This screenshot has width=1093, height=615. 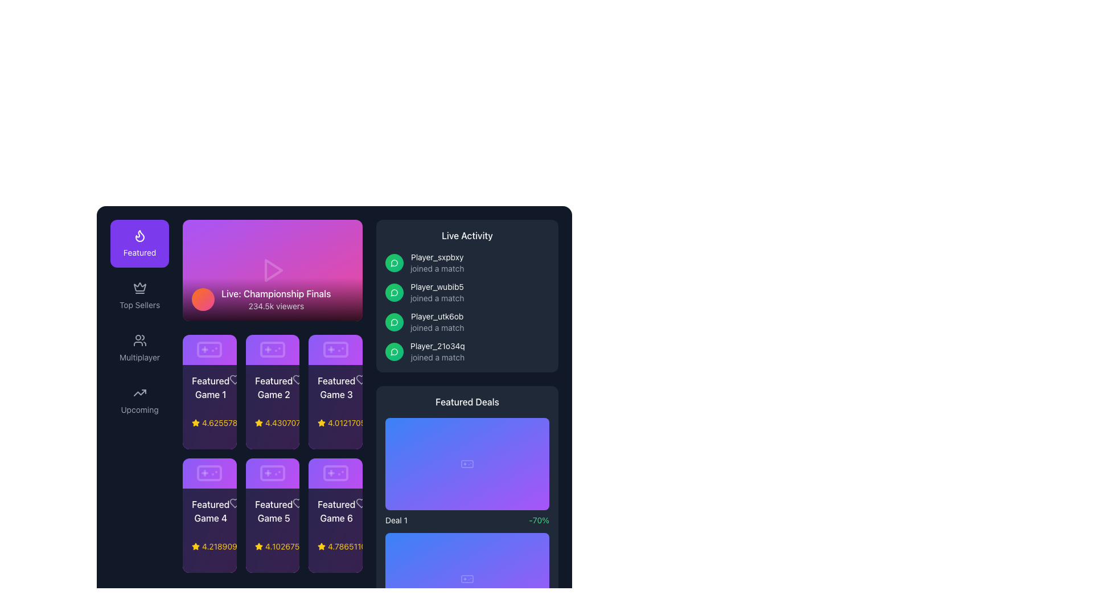 What do you see at coordinates (272, 391) in the screenshot?
I see `the featured game card located in the second column of the top row` at bounding box center [272, 391].